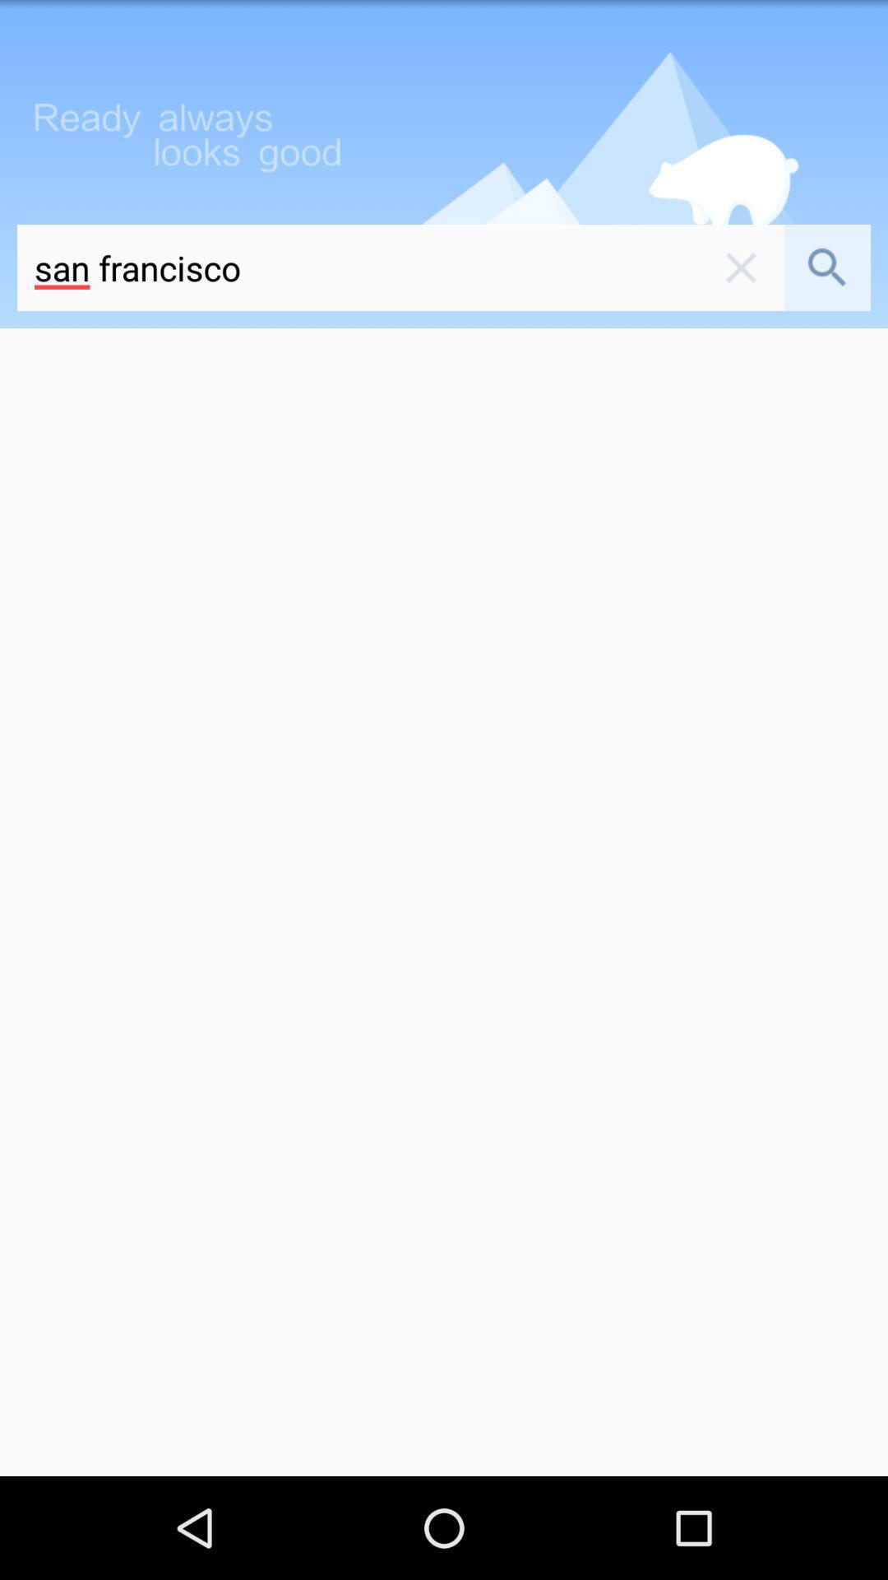 The height and width of the screenshot is (1580, 888). Describe the element at coordinates (444, 901) in the screenshot. I see `the icon below san francisco` at that location.